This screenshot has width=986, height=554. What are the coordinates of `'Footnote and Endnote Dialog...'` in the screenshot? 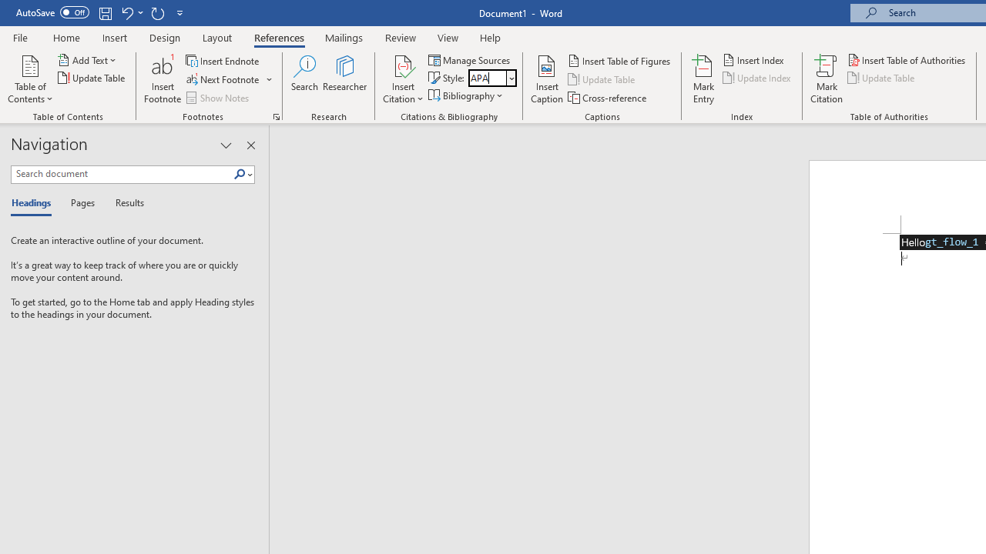 It's located at (277, 115).